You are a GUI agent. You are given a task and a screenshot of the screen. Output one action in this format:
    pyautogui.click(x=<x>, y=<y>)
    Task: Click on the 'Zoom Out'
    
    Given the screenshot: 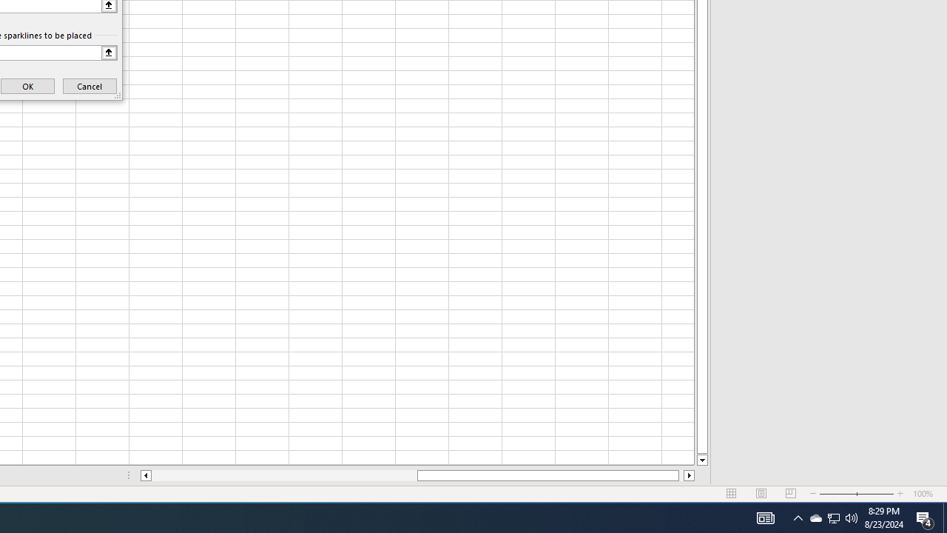 What is the action you would take?
    pyautogui.click(x=838, y=494)
    